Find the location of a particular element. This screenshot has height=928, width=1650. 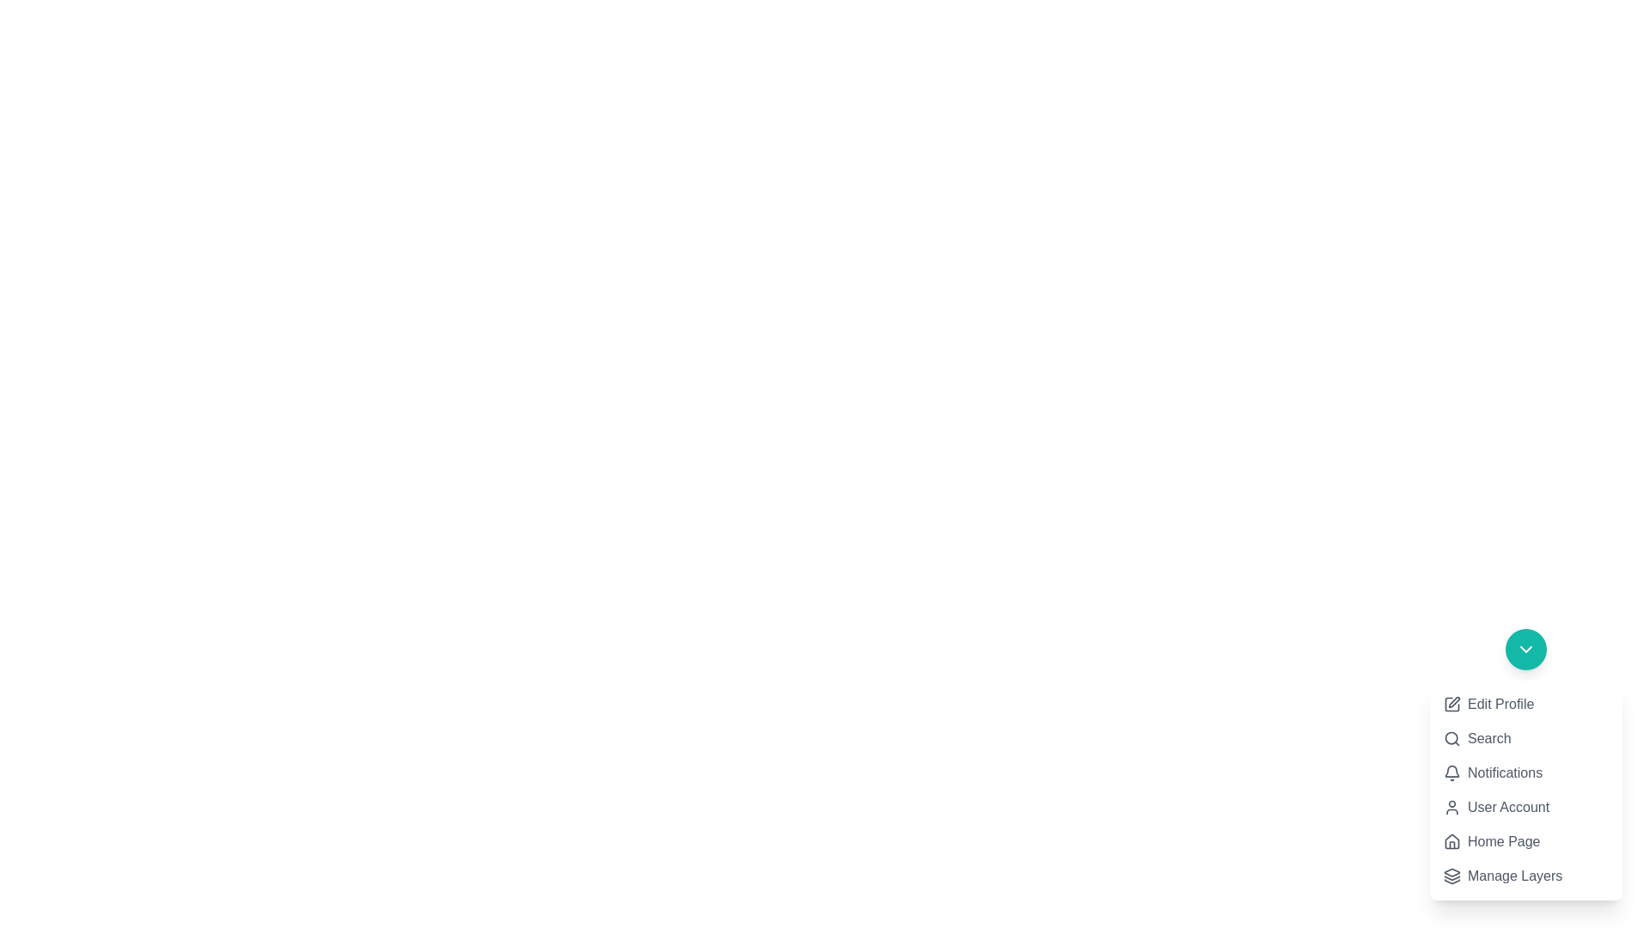

'Search' text label, which is a medium-sized gray font located next to the magnifying glass icon in the dropdown menu is located at coordinates (1488, 738).